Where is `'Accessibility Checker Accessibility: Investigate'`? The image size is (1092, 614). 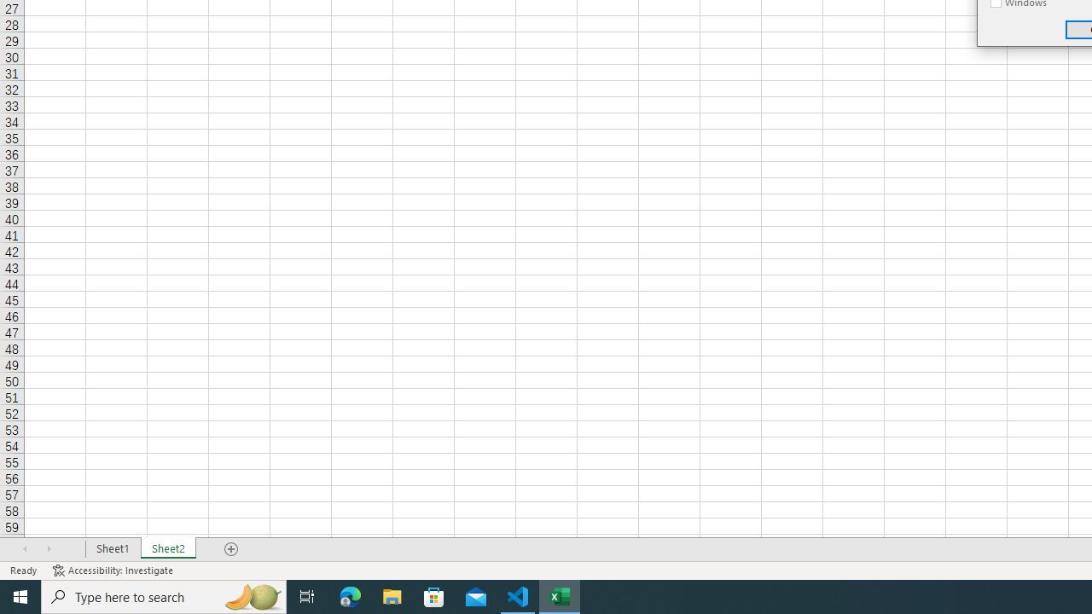
'Accessibility Checker Accessibility: Investigate' is located at coordinates (113, 571).